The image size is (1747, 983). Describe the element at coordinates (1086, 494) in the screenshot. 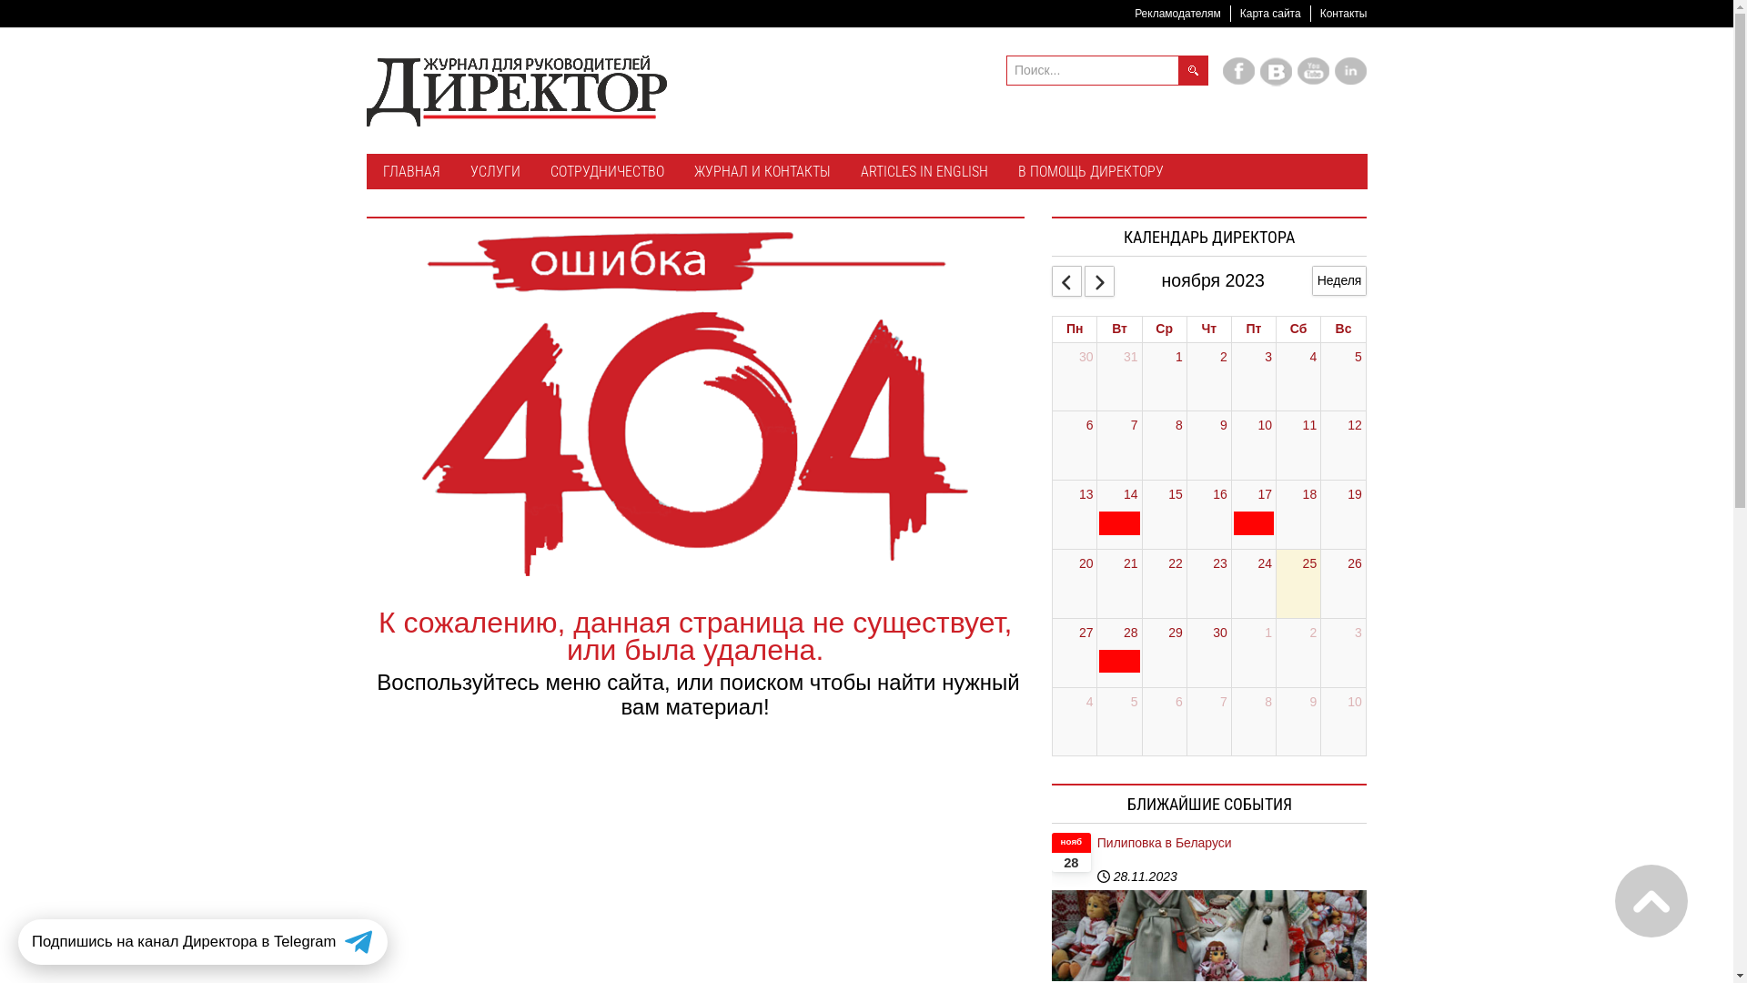

I see `'13'` at that location.